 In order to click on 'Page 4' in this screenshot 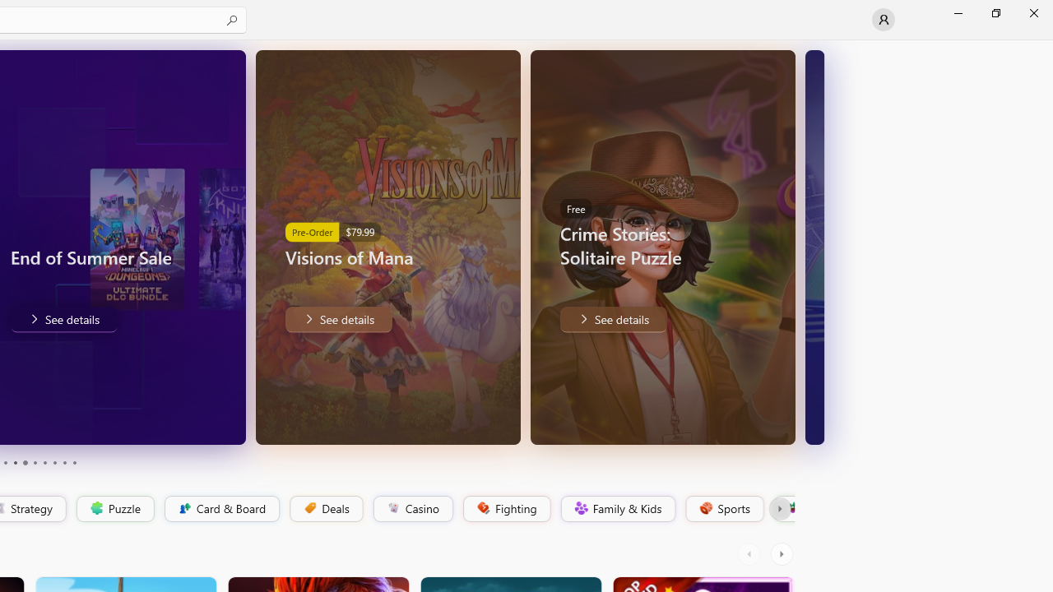, I will do `click(14, 463)`.